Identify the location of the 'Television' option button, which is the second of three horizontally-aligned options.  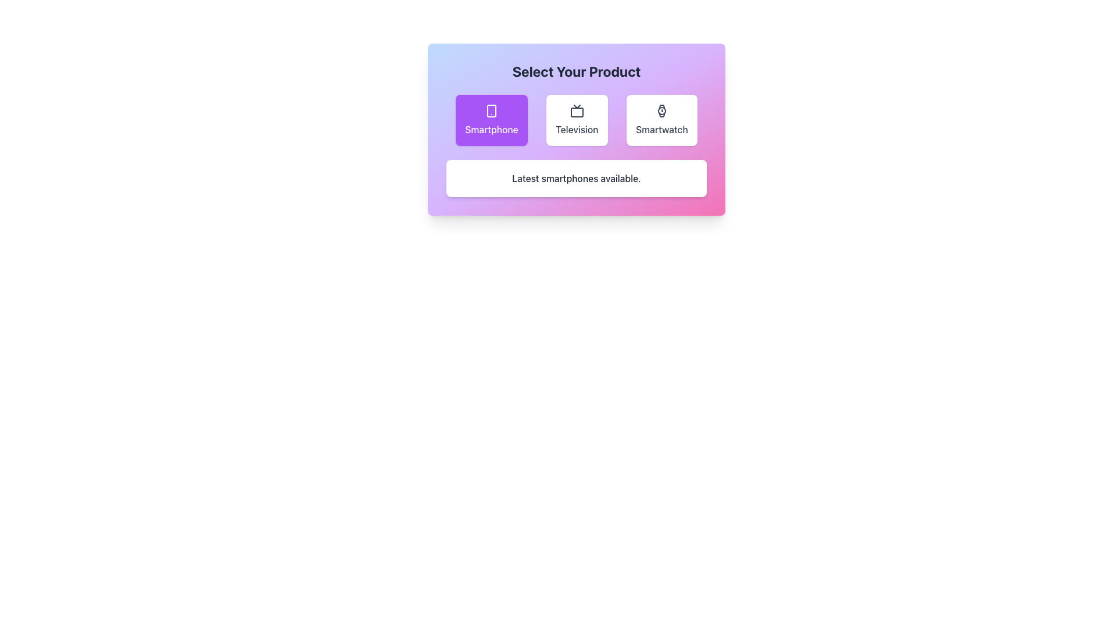
(577, 120).